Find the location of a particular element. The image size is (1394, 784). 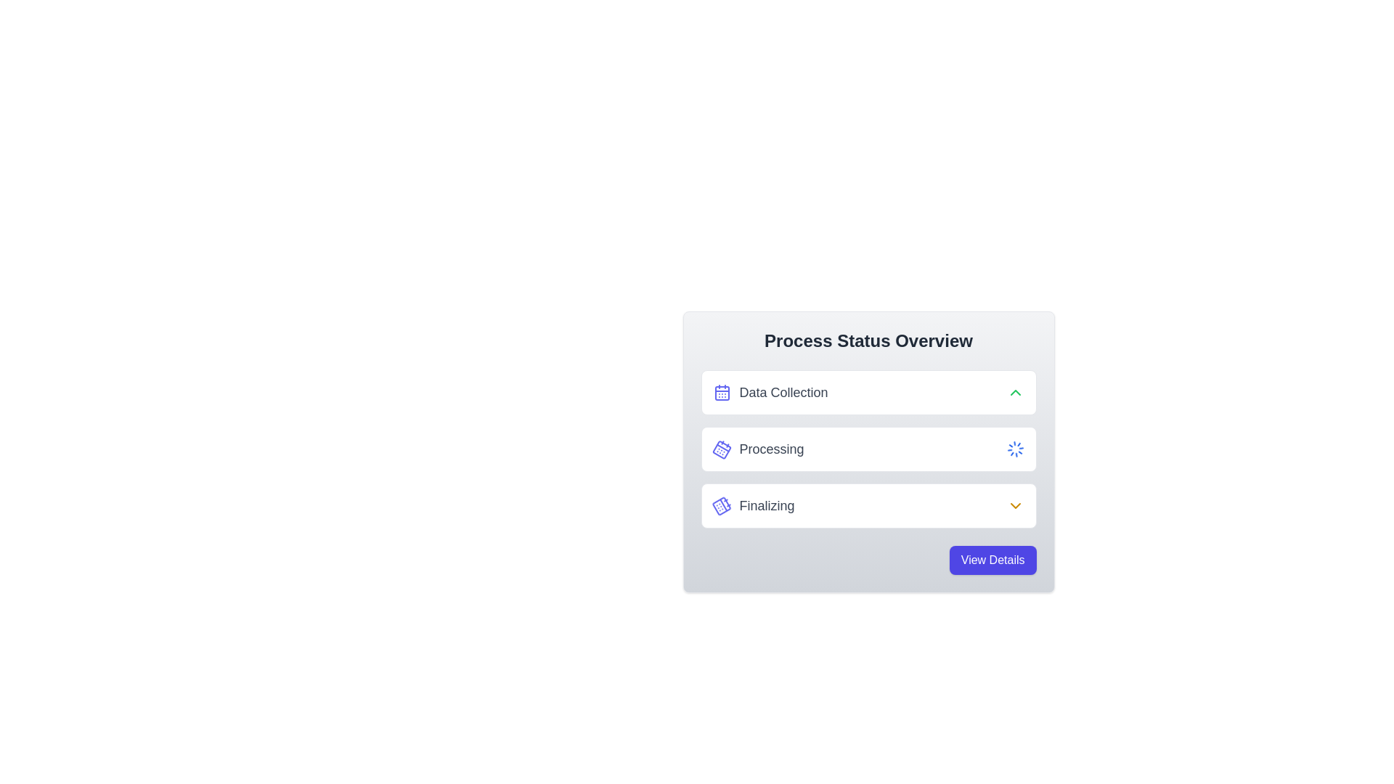

the 'Finalizing' text label, which is part of a step indicator arrangement in a gray rectangular card, located in the third step of the process indicator list is located at coordinates (766, 505).